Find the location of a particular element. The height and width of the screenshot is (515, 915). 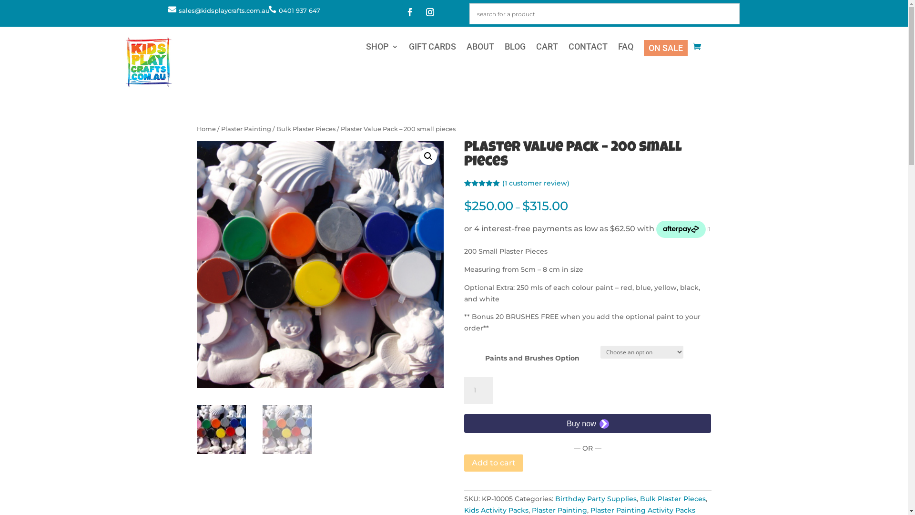

'Birthday Party Supplies' is located at coordinates (595, 498).